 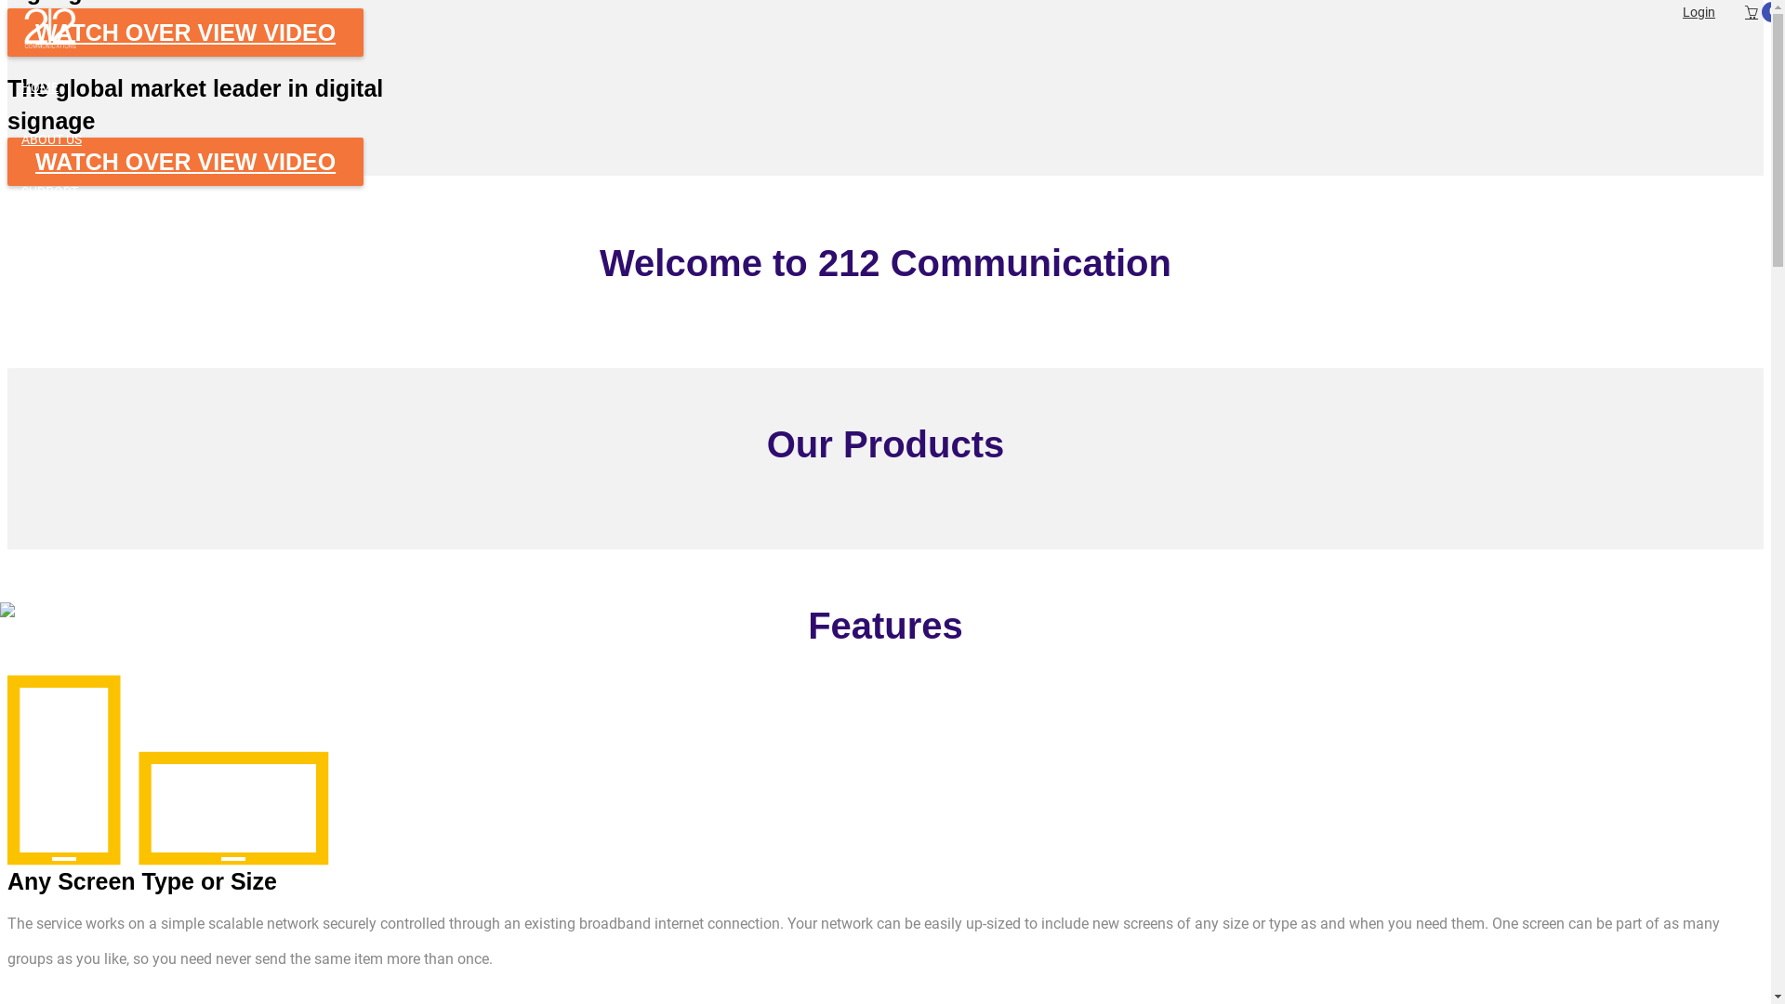 I want to click on 'ABOUT US', so click(x=895, y=139).